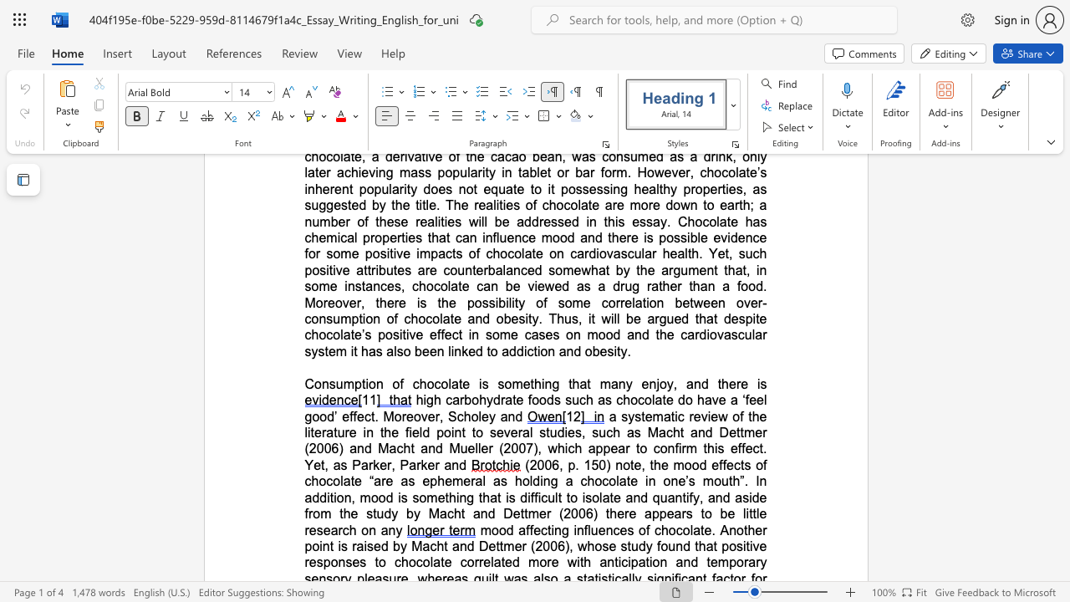 The height and width of the screenshot is (602, 1070). What do you see at coordinates (758, 447) in the screenshot?
I see `the subset text "t. Ye" within the text "this effect. Yet, as Parker, Parker and"` at bounding box center [758, 447].